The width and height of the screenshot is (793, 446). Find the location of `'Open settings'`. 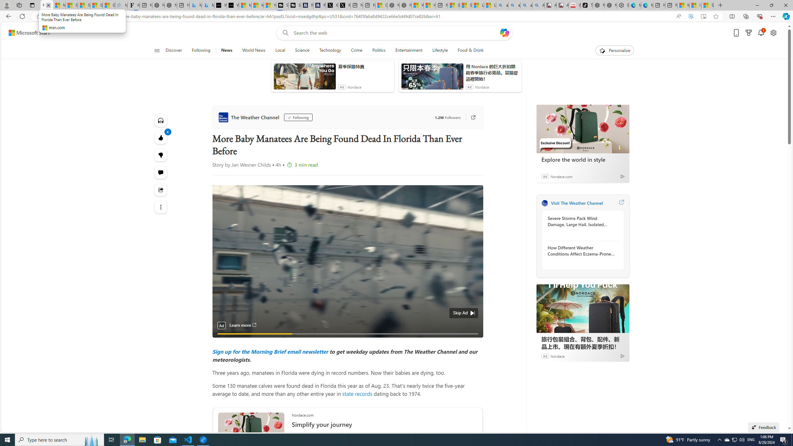

'Open settings' is located at coordinates (773, 33).